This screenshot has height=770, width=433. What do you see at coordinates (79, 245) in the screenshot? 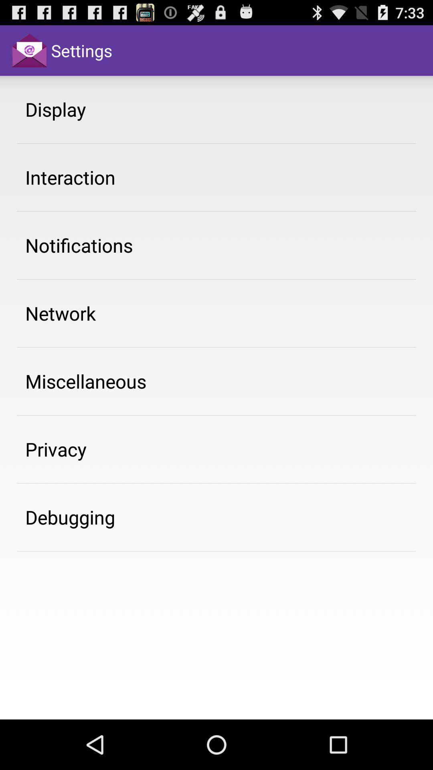
I see `the app below interaction icon` at bounding box center [79, 245].